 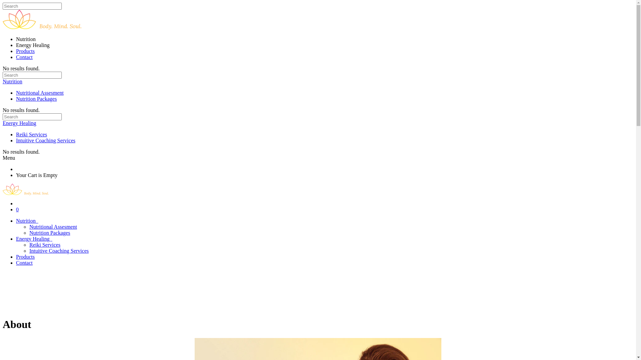 What do you see at coordinates (29, 251) in the screenshot?
I see `'Intuitive Coaching Services'` at bounding box center [29, 251].